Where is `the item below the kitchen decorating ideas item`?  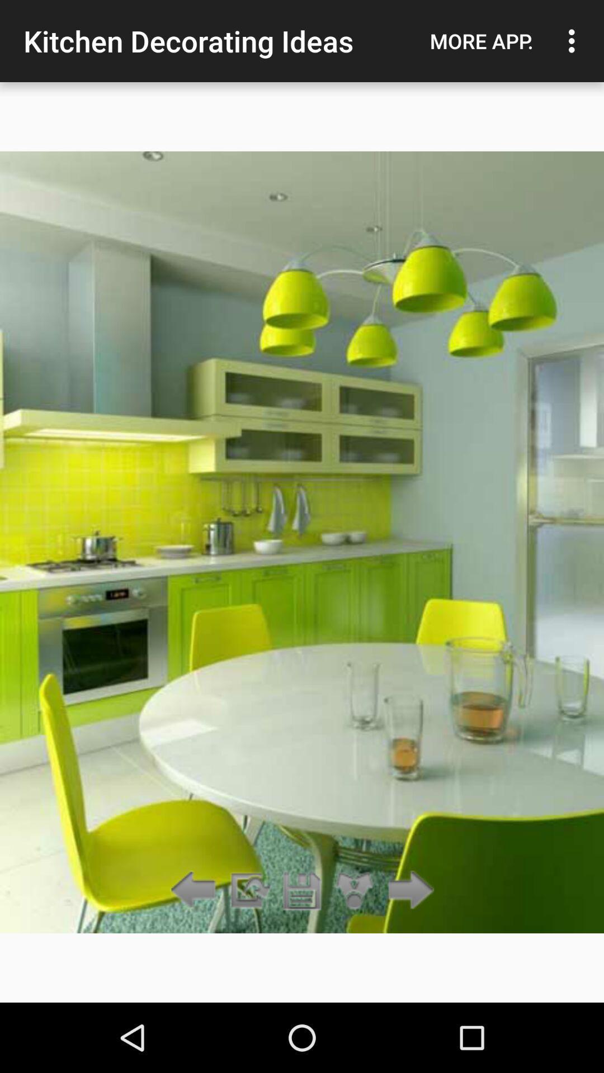 the item below the kitchen decorating ideas item is located at coordinates (248, 890).